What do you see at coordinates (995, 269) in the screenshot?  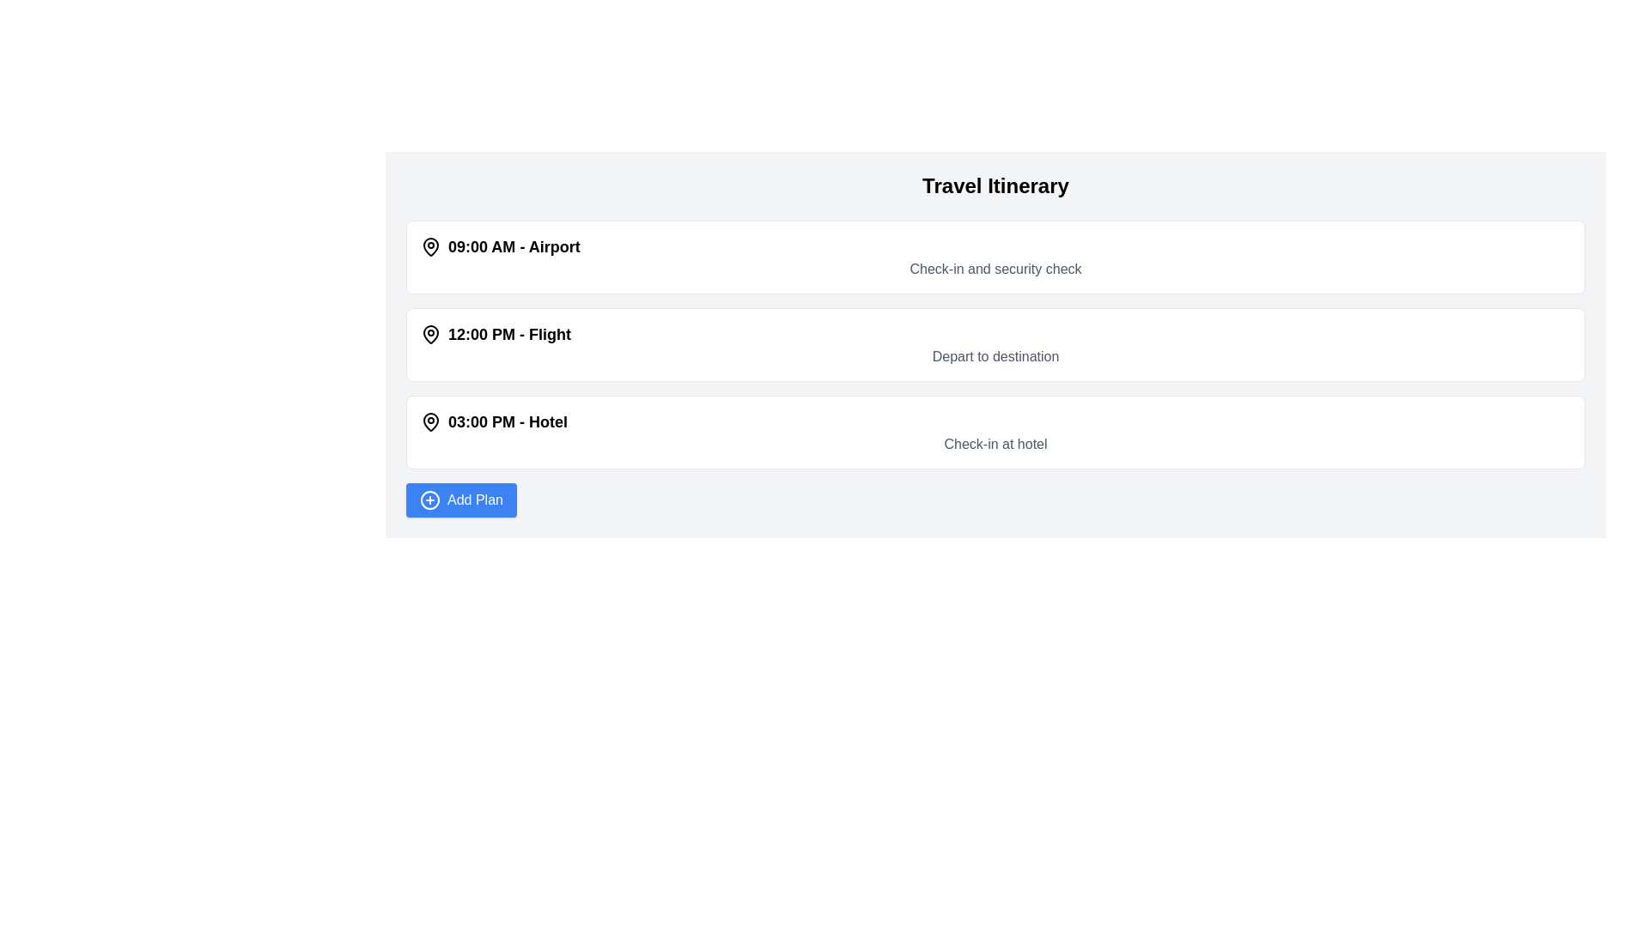 I see `the text label displaying 'Check-in and security check' located beneath the heading '09:00 AM - Airport'` at bounding box center [995, 269].